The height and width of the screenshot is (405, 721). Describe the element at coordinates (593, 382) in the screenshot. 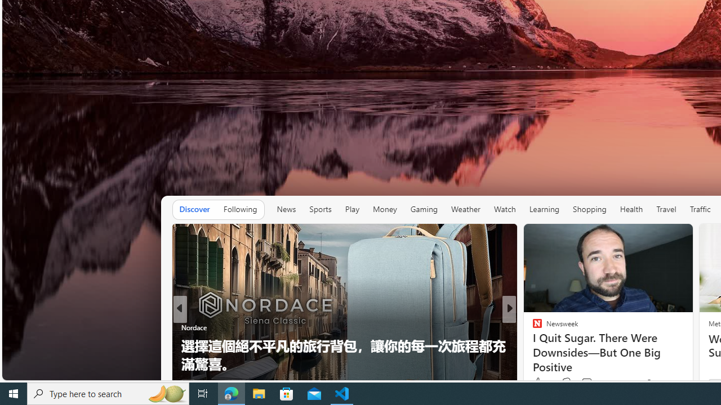

I see `'View comments 116 Comment'` at that location.